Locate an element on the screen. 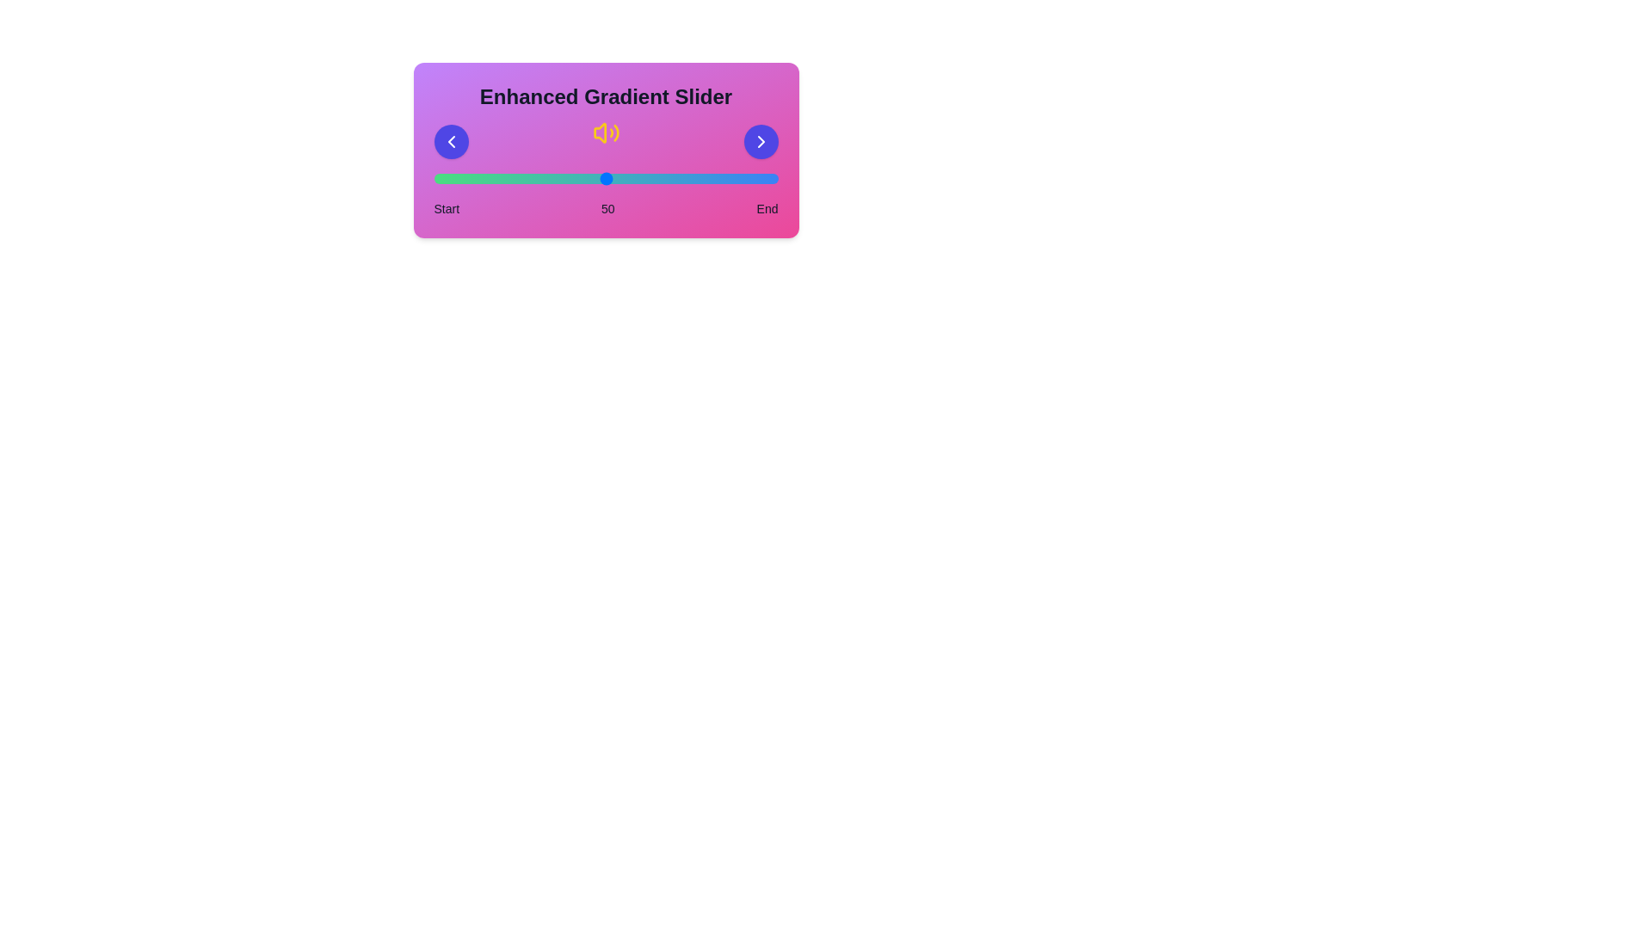  the right arrow button to increase the slider value is located at coordinates (760, 141).